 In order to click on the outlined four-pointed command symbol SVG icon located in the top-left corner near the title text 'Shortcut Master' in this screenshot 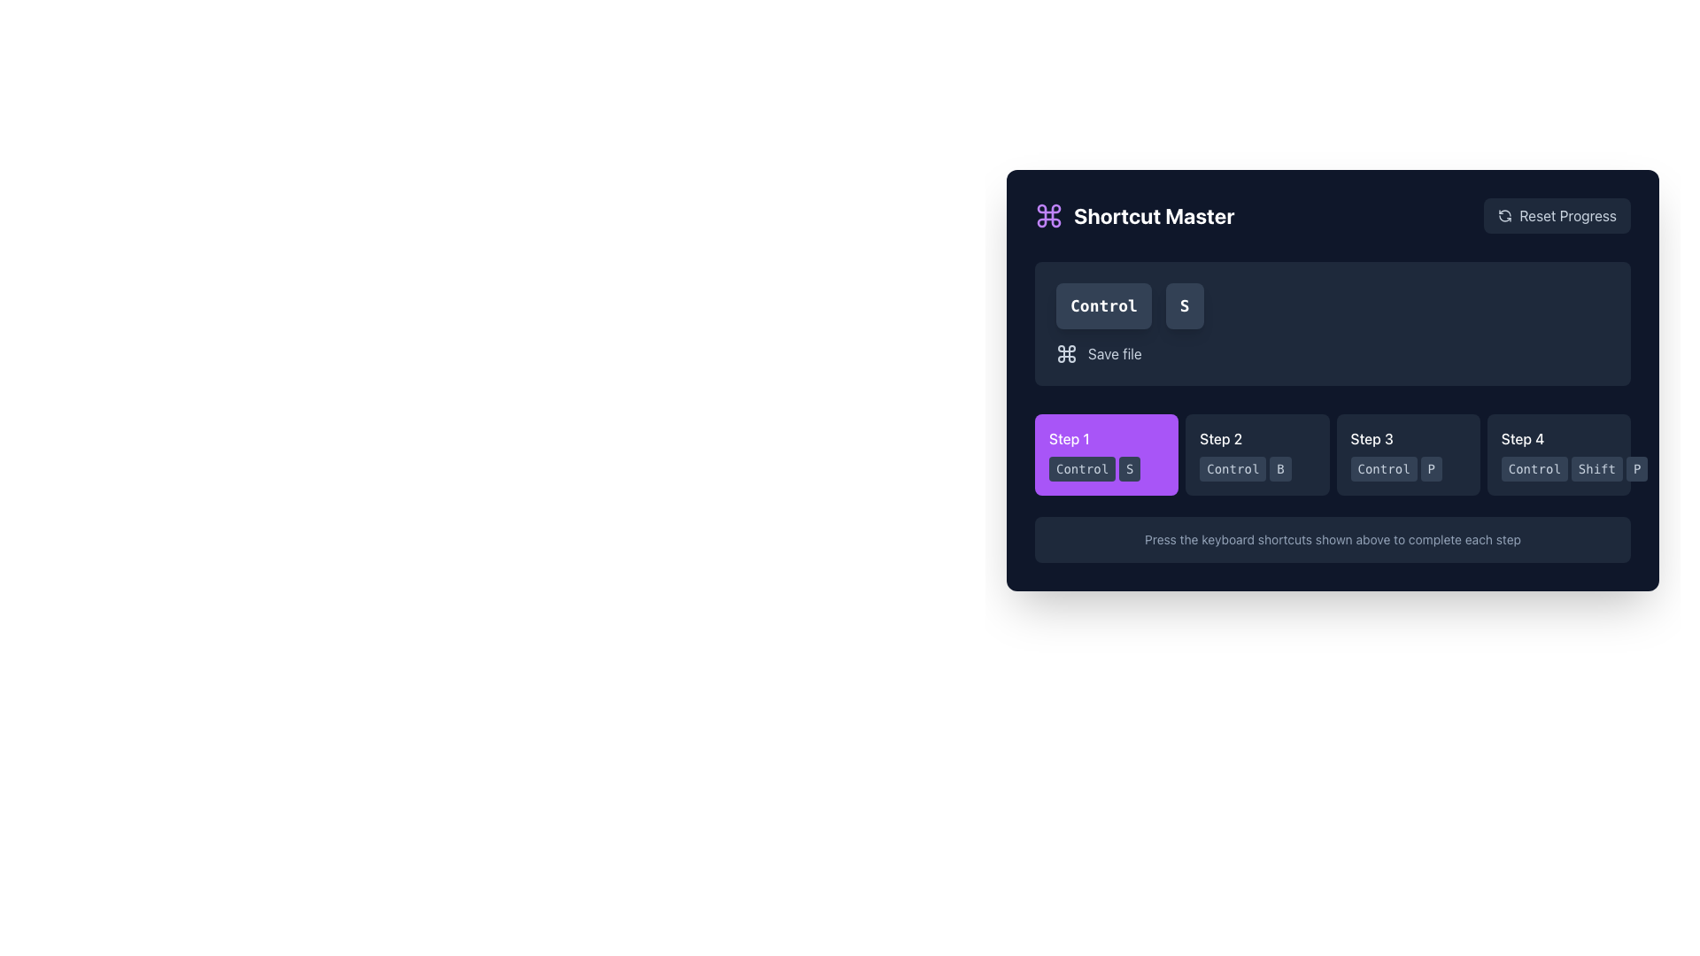, I will do `click(1065, 354)`.